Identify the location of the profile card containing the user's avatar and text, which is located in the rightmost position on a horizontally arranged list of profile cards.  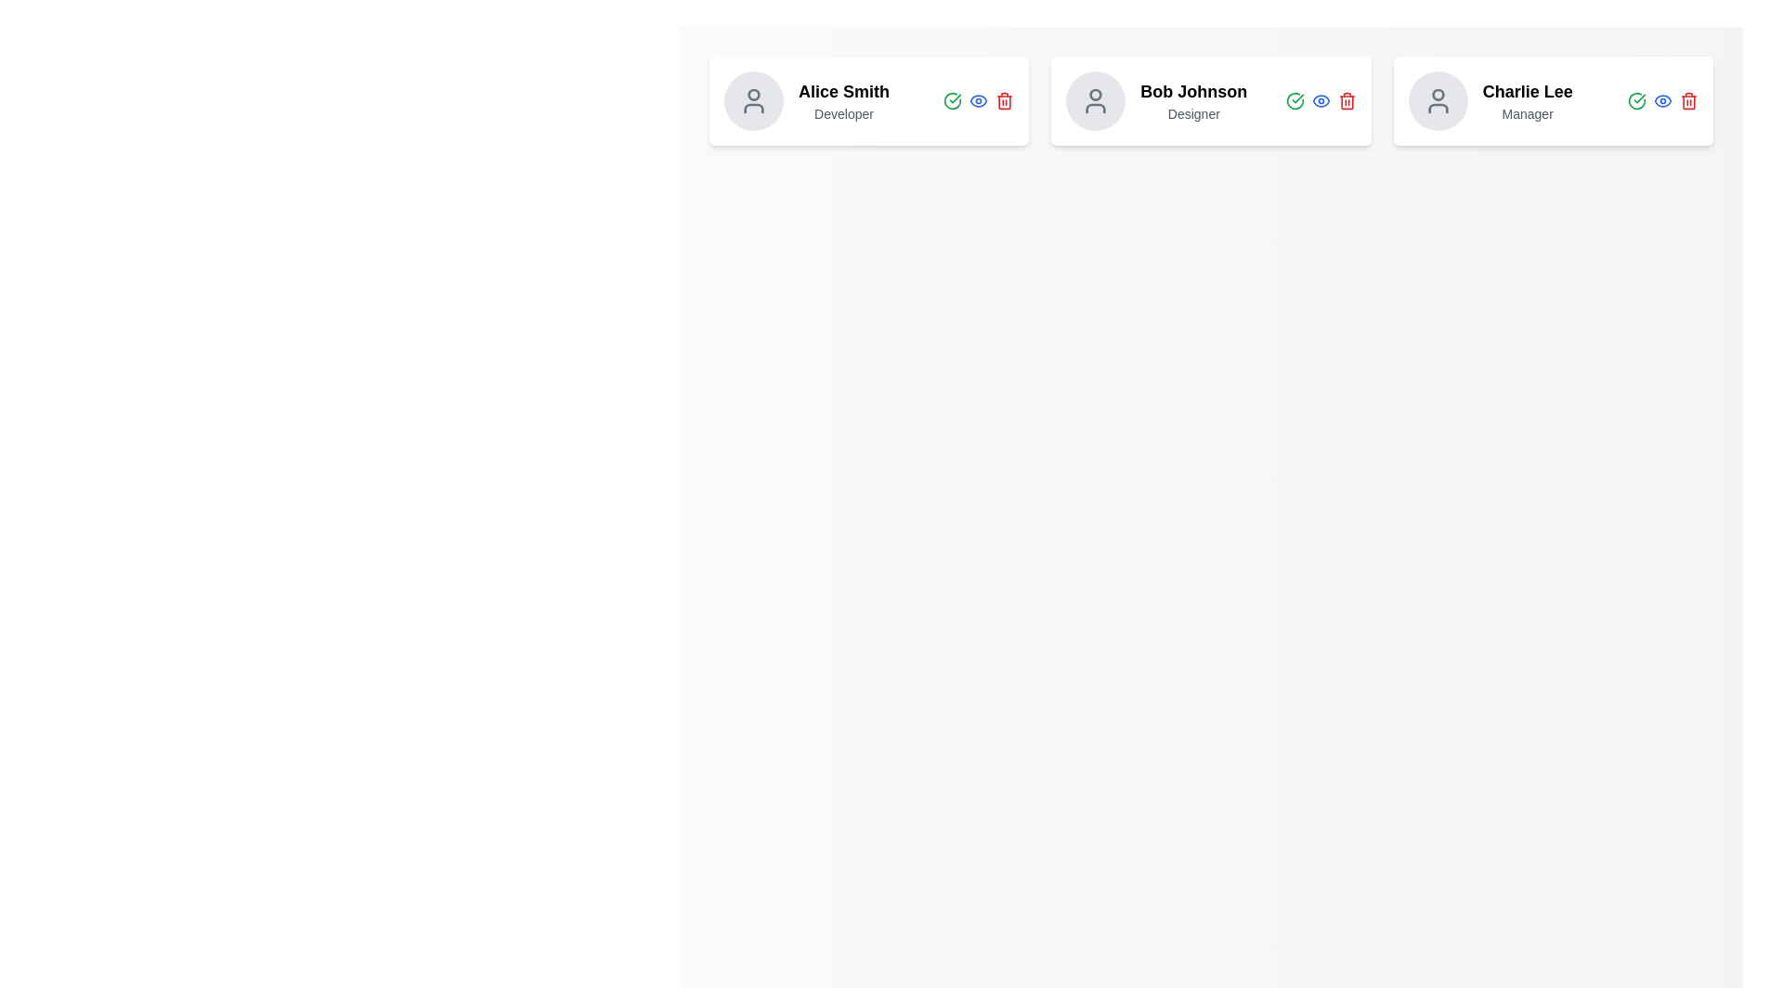
(1490, 100).